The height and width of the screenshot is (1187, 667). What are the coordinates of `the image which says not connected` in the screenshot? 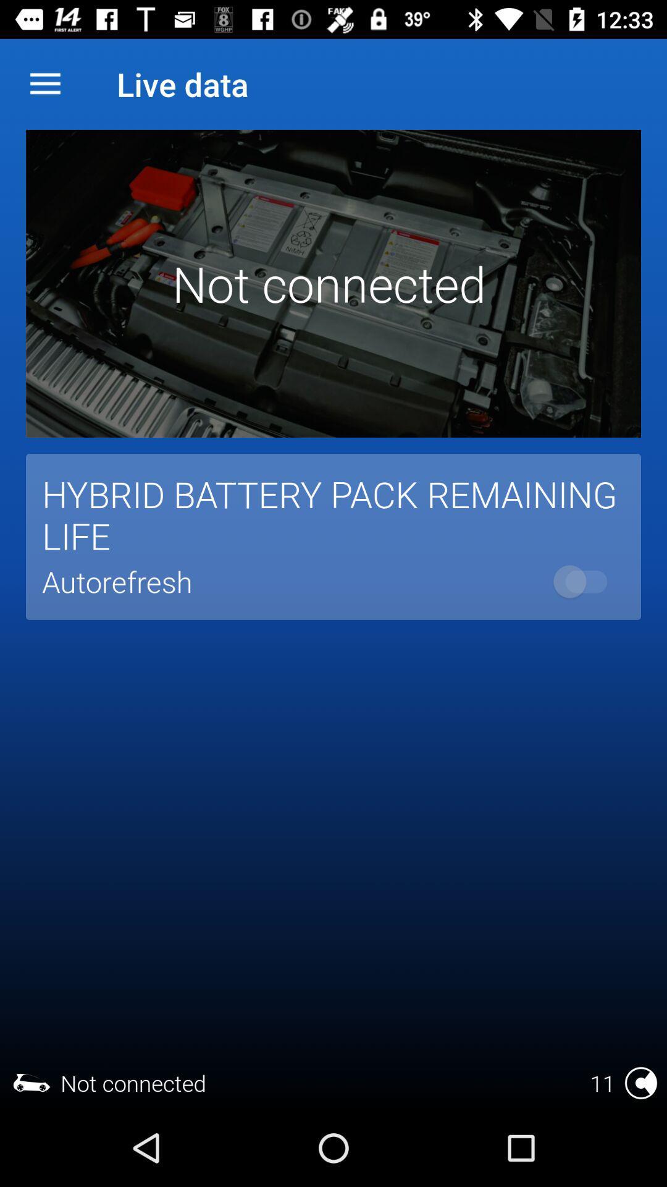 It's located at (333, 283).